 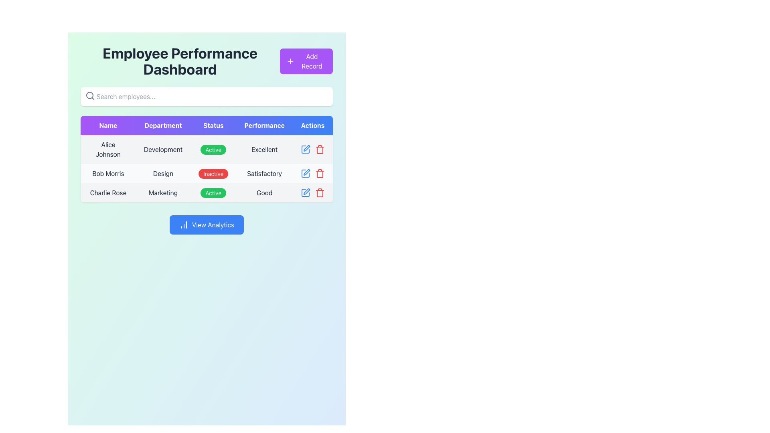 What do you see at coordinates (264, 193) in the screenshot?
I see `the text label displaying 'Good' in the 'Performance' column of the 'Charlie Rose' row in the data table` at bounding box center [264, 193].